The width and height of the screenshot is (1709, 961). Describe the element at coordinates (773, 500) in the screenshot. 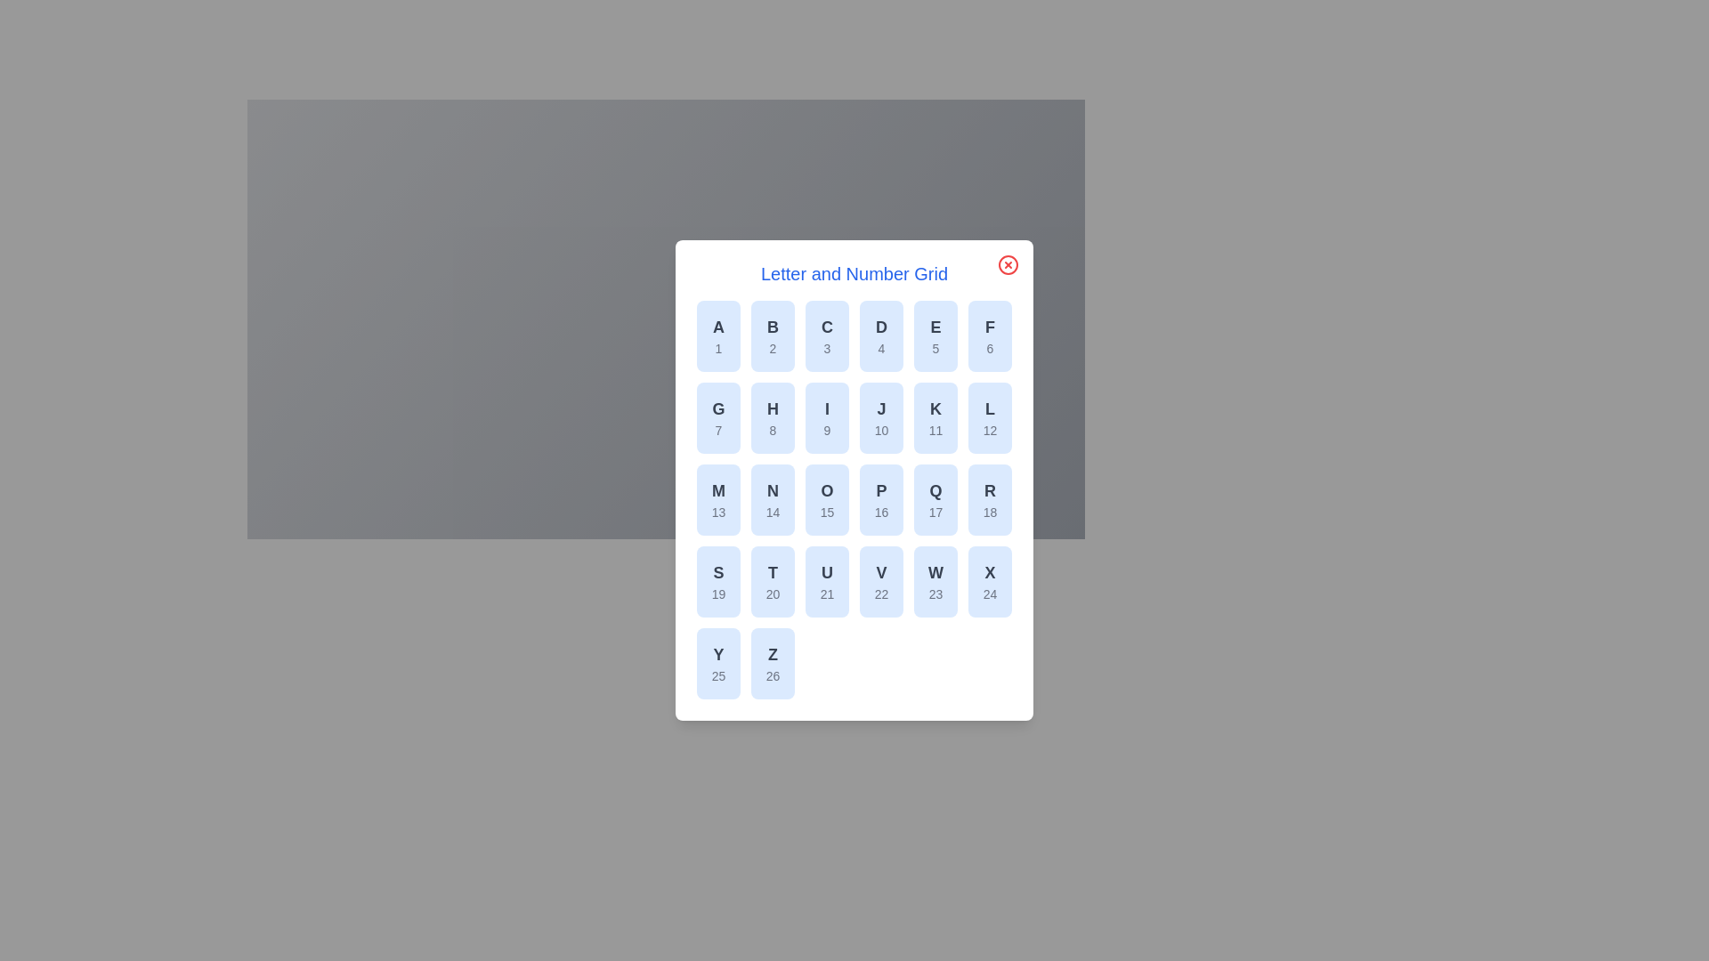

I see `the grid item corresponding to letter N` at that location.